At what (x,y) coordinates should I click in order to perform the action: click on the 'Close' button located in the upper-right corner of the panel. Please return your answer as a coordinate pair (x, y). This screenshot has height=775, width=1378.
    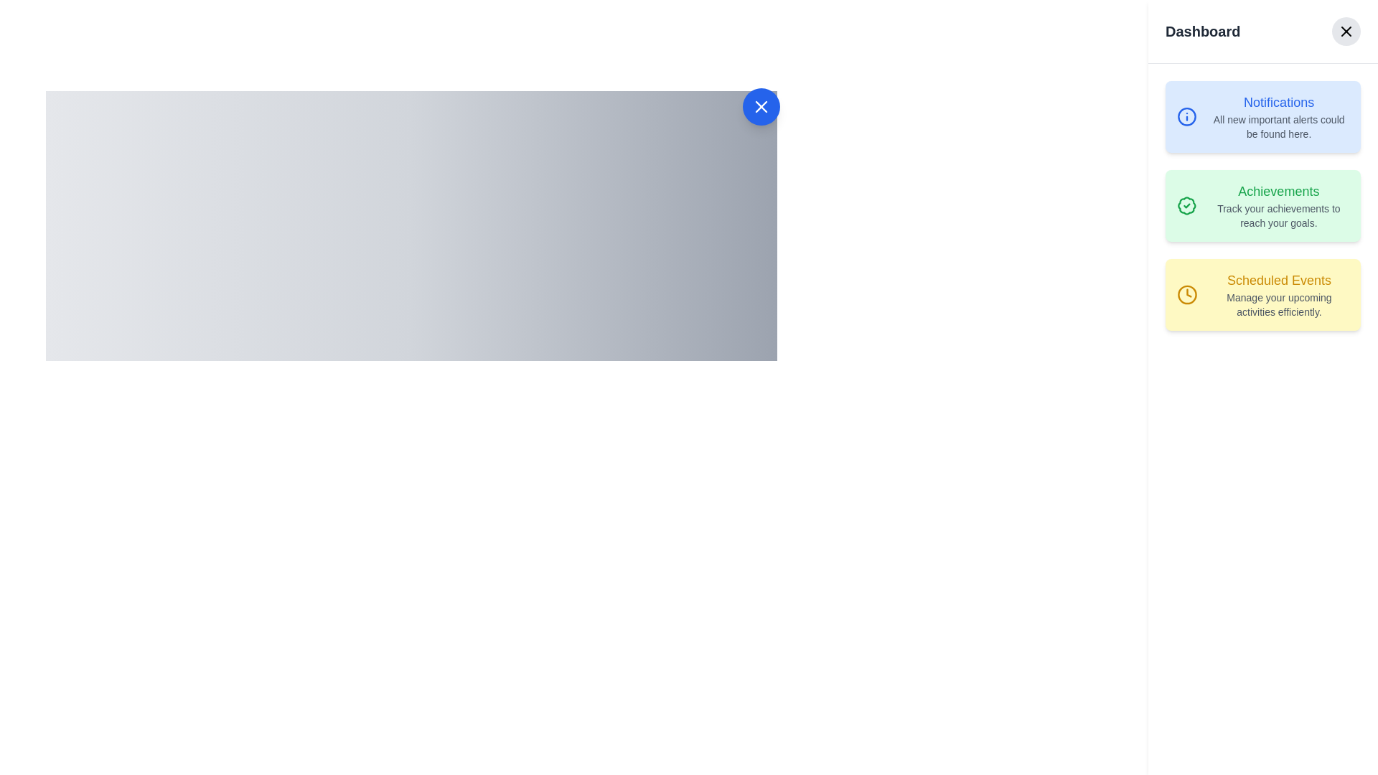
    Looking at the image, I should click on (760, 106).